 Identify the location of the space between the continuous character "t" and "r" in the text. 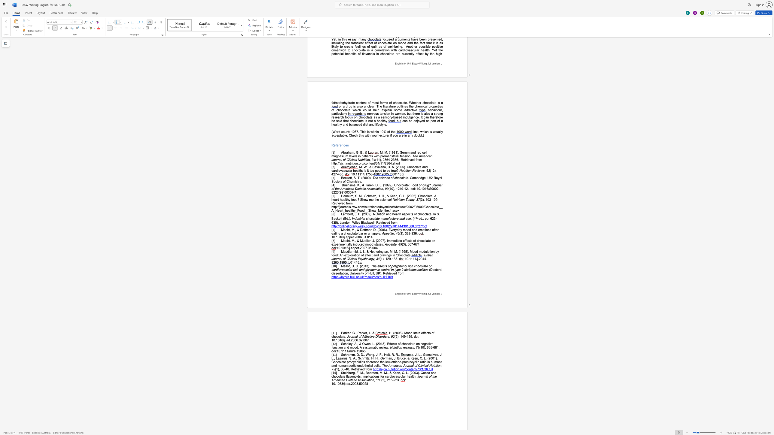
(434, 366).